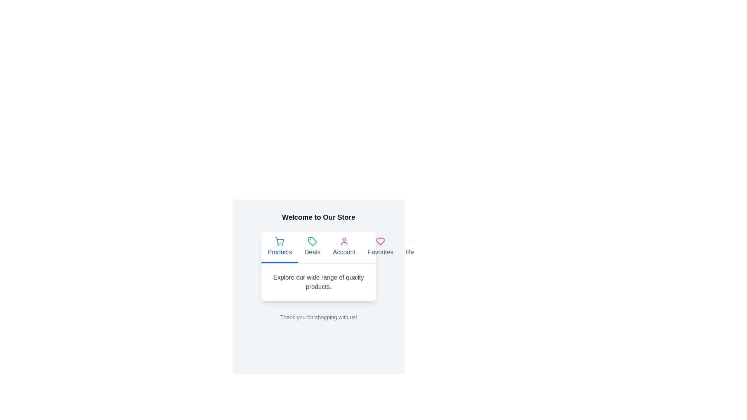  Describe the element at coordinates (417, 247) in the screenshot. I see `the fifth navigation item on the right side of the navigation bar` at that location.